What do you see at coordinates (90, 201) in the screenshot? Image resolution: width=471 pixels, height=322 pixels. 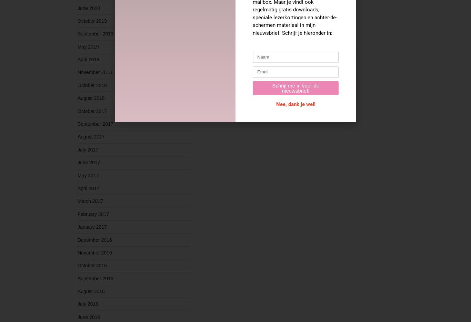 I see `'March 2017'` at bounding box center [90, 201].